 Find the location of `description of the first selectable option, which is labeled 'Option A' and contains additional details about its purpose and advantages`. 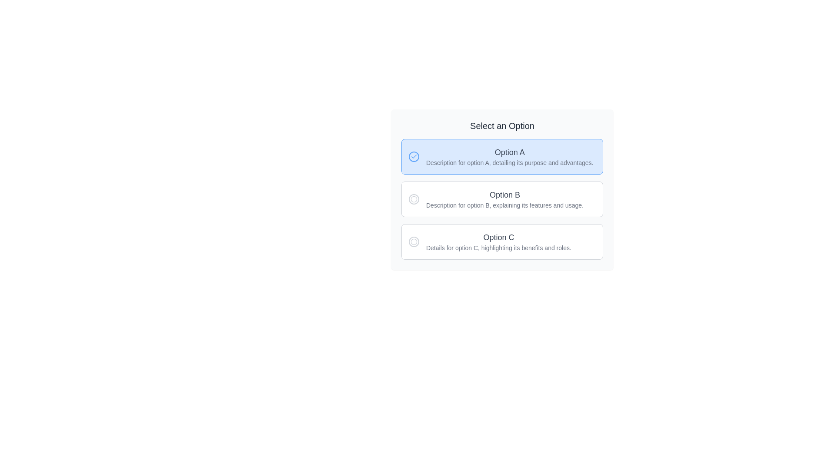

description of the first selectable option, which is labeled 'Option A' and contains additional details about its purpose and advantages is located at coordinates (510, 157).